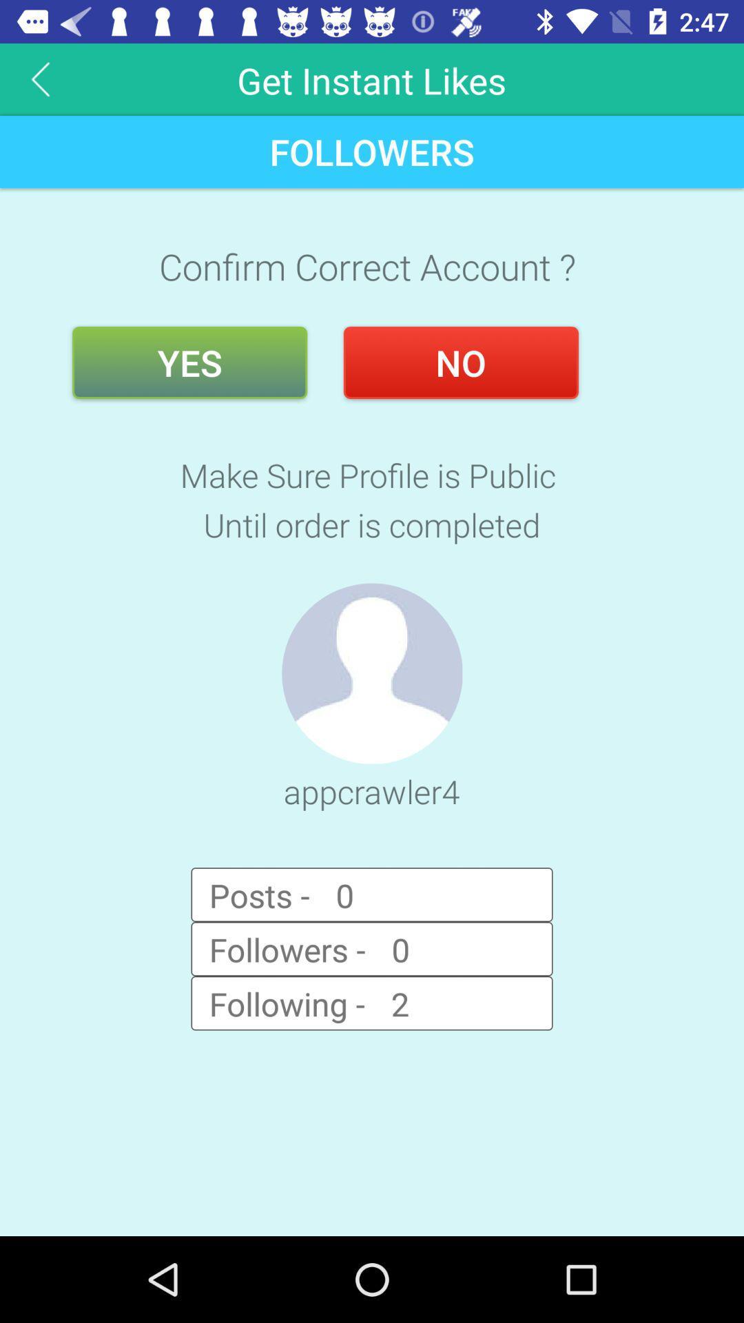 This screenshot has height=1323, width=744. Describe the element at coordinates (189, 362) in the screenshot. I see `the yes icon` at that location.